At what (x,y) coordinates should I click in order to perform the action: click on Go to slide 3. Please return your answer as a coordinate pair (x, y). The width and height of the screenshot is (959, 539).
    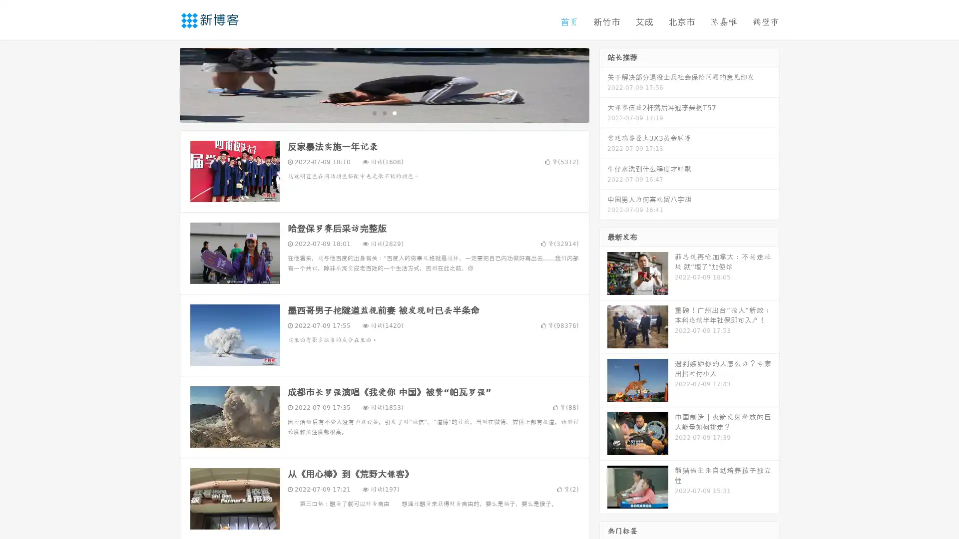
    Looking at the image, I should click on (394, 112).